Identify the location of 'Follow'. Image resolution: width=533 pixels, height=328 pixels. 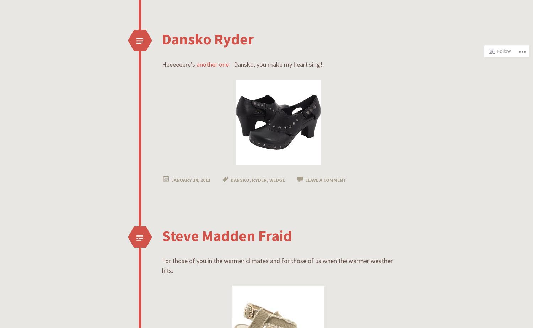
(504, 17).